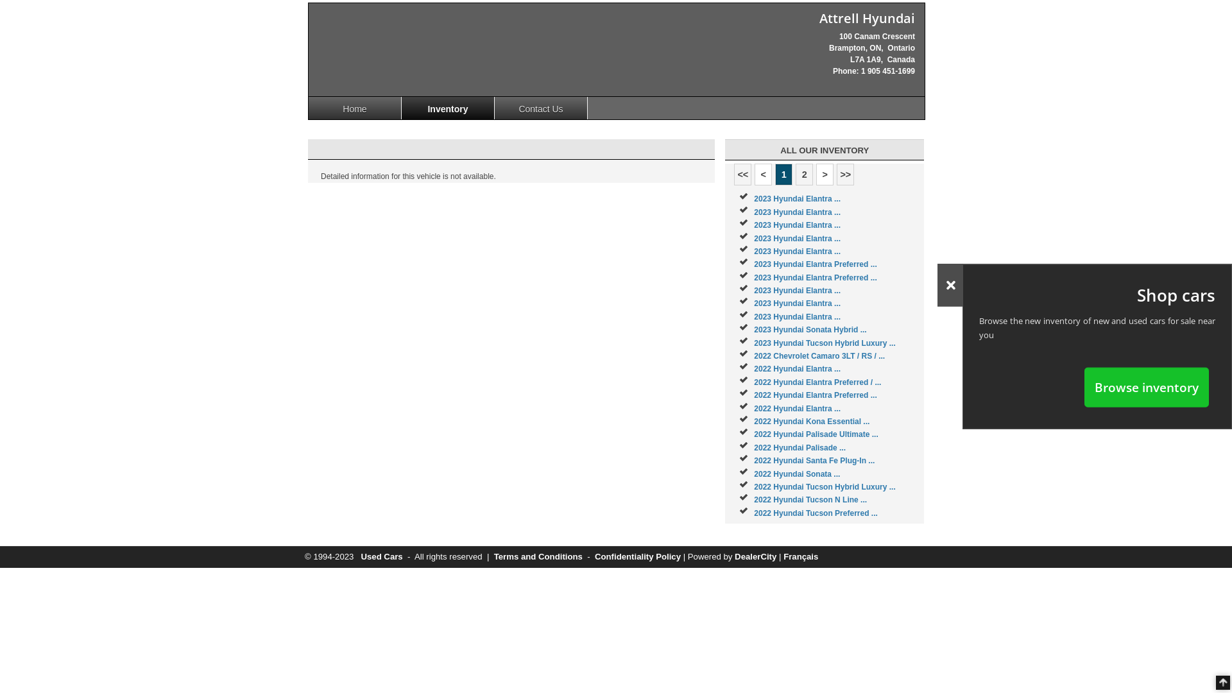 Image resolution: width=1232 pixels, height=693 pixels. Describe the element at coordinates (809, 499) in the screenshot. I see `'2022 Hyundai Tucson N Line ...'` at that location.